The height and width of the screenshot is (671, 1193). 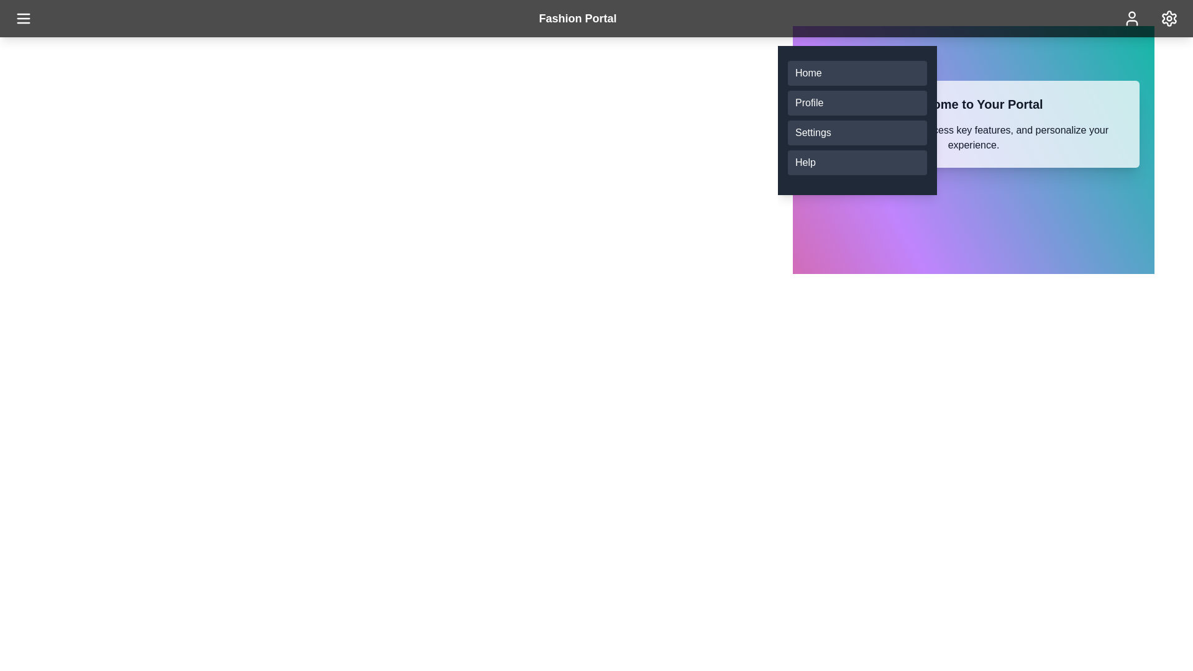 What do you see at coordinates (857, 132) in the screenshot?
I see `the menu item Settings from the list` at bounding box center [857, 132].